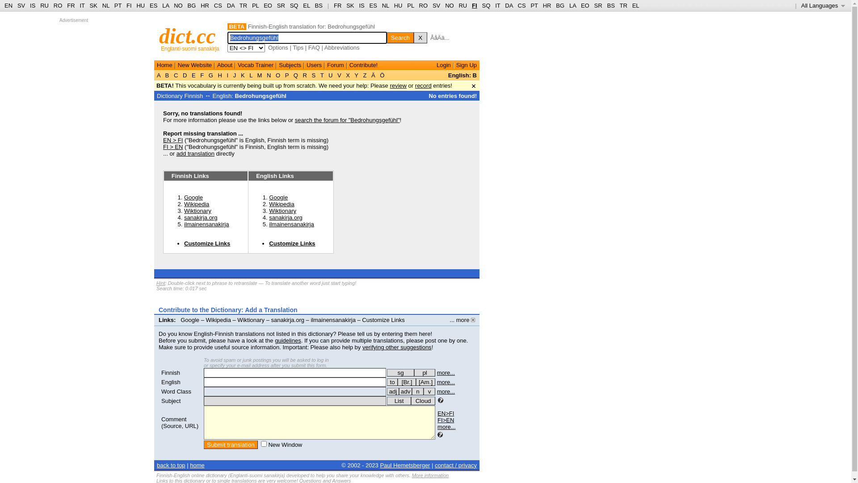 Image resolution: width=858 pixels, height=483 pixels. What do you see at coordinates (171, 465) in the screenshot?
I see `'back to top'` at bounding box center [171, 465].